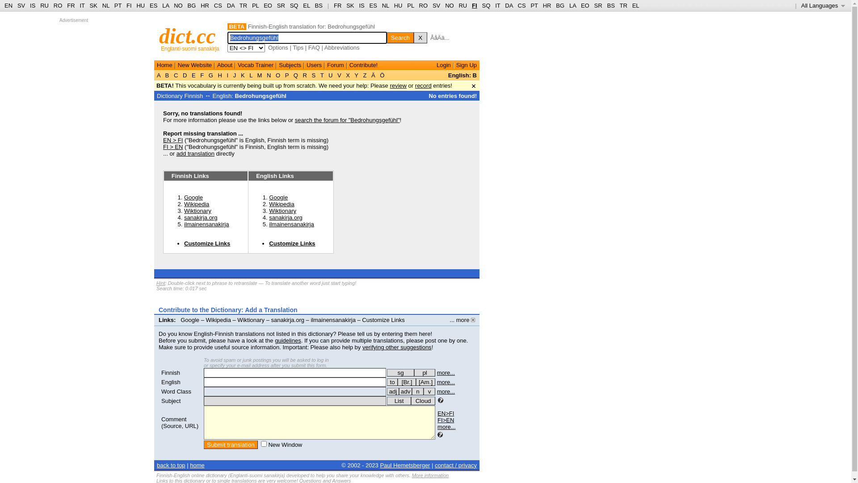 Image resolution: width=858 pixels, height=483 pixels. What do you see at coordinates (171, 465) in the screenshot?
I see `'back to top'` at bounding box center [171, 465].